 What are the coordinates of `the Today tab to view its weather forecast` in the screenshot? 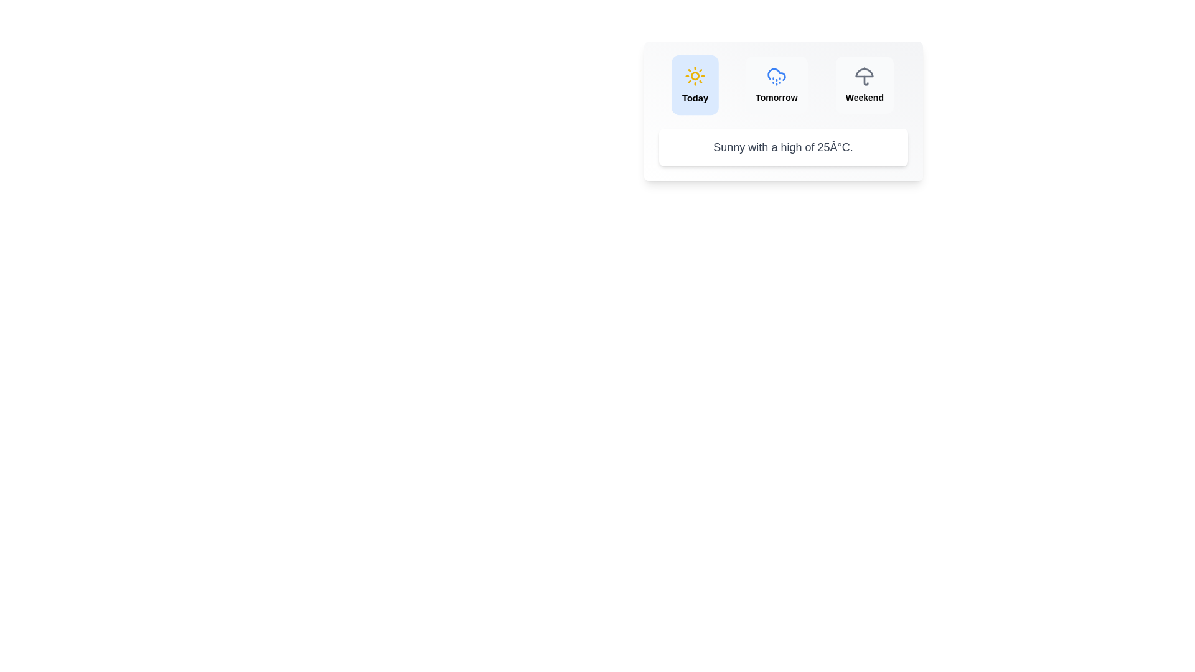 It's located at (695, 85).